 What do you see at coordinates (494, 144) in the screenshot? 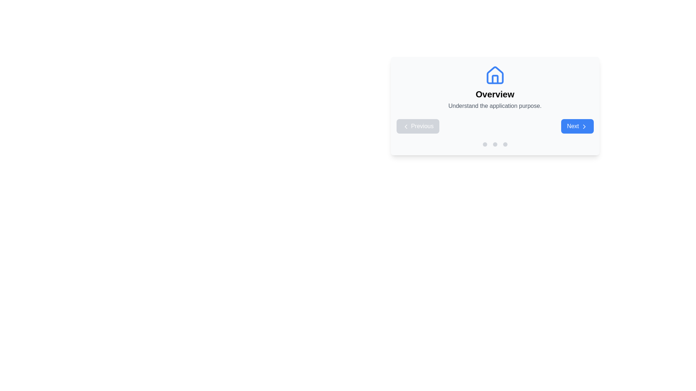
I see `the Pagination indicator circles, which are located at the bottom of the card-like component containing the title 'Overview' and navigation buttons 'Previous' and 'Next'` at bounding box center [494, 144].